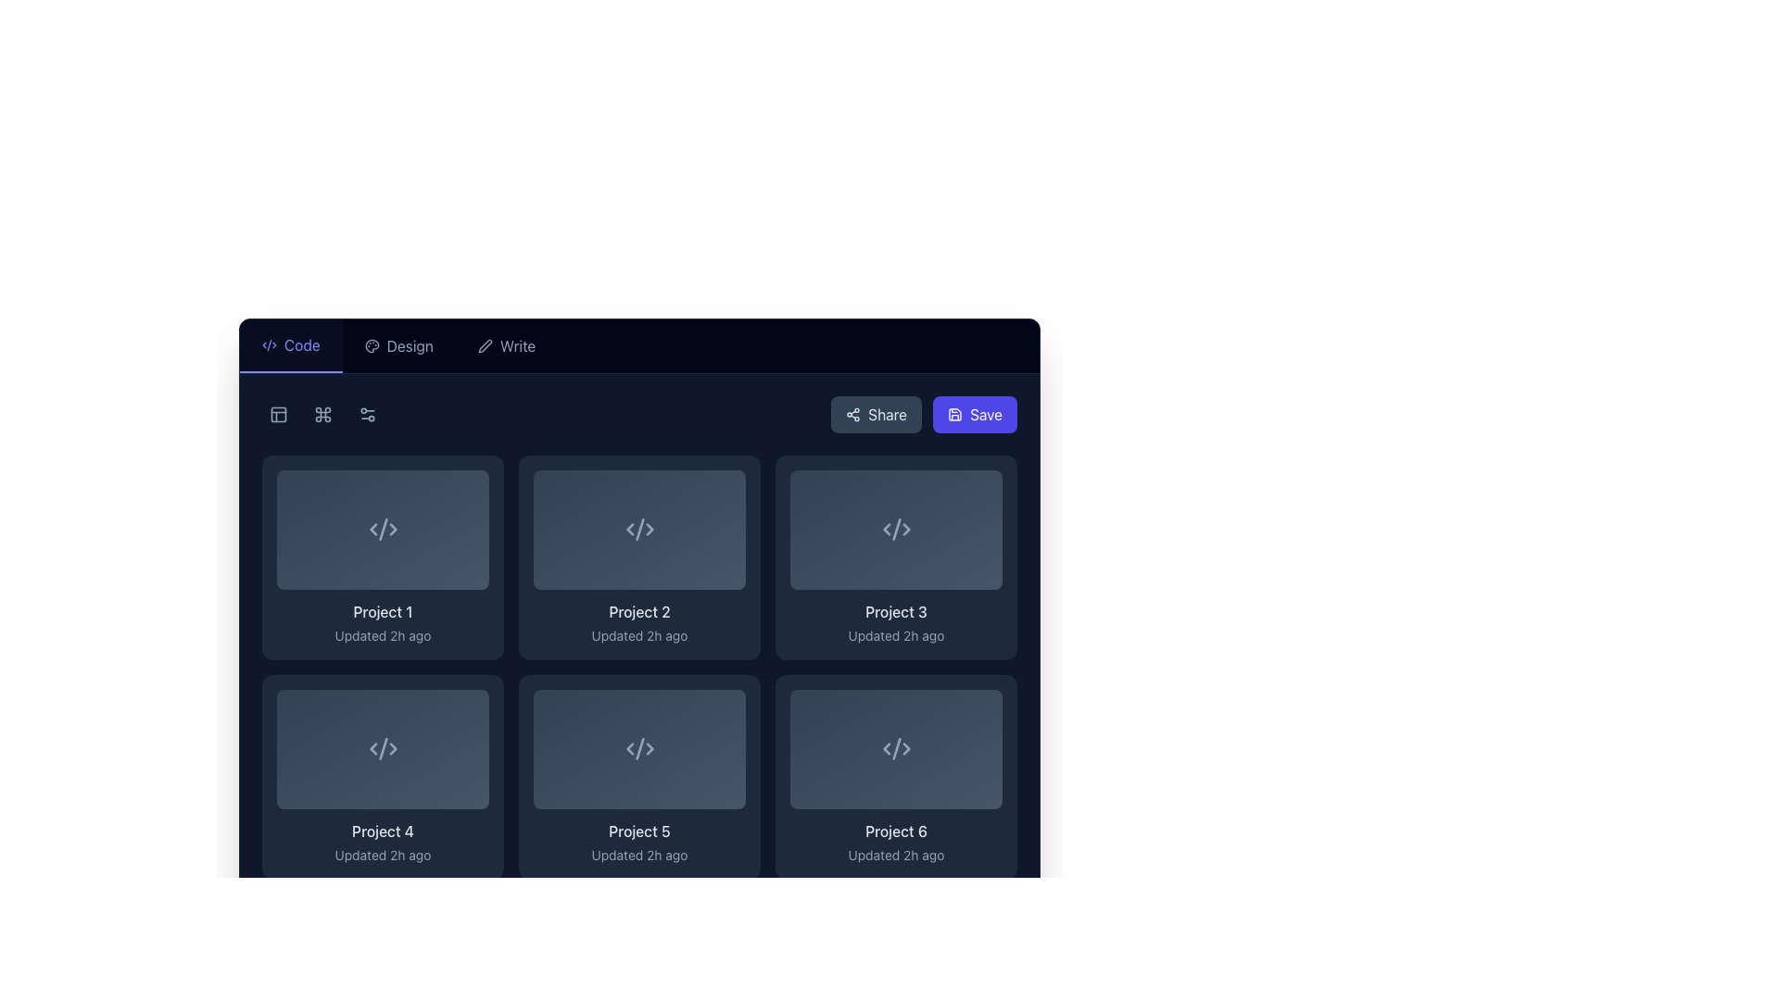 This screenshot has height=1000, width=1779. I want to click on the 'Design' navigation button, which is the second item in the navigation bar and contains a palette icon followed by the text 'Design', so click(397, 346).